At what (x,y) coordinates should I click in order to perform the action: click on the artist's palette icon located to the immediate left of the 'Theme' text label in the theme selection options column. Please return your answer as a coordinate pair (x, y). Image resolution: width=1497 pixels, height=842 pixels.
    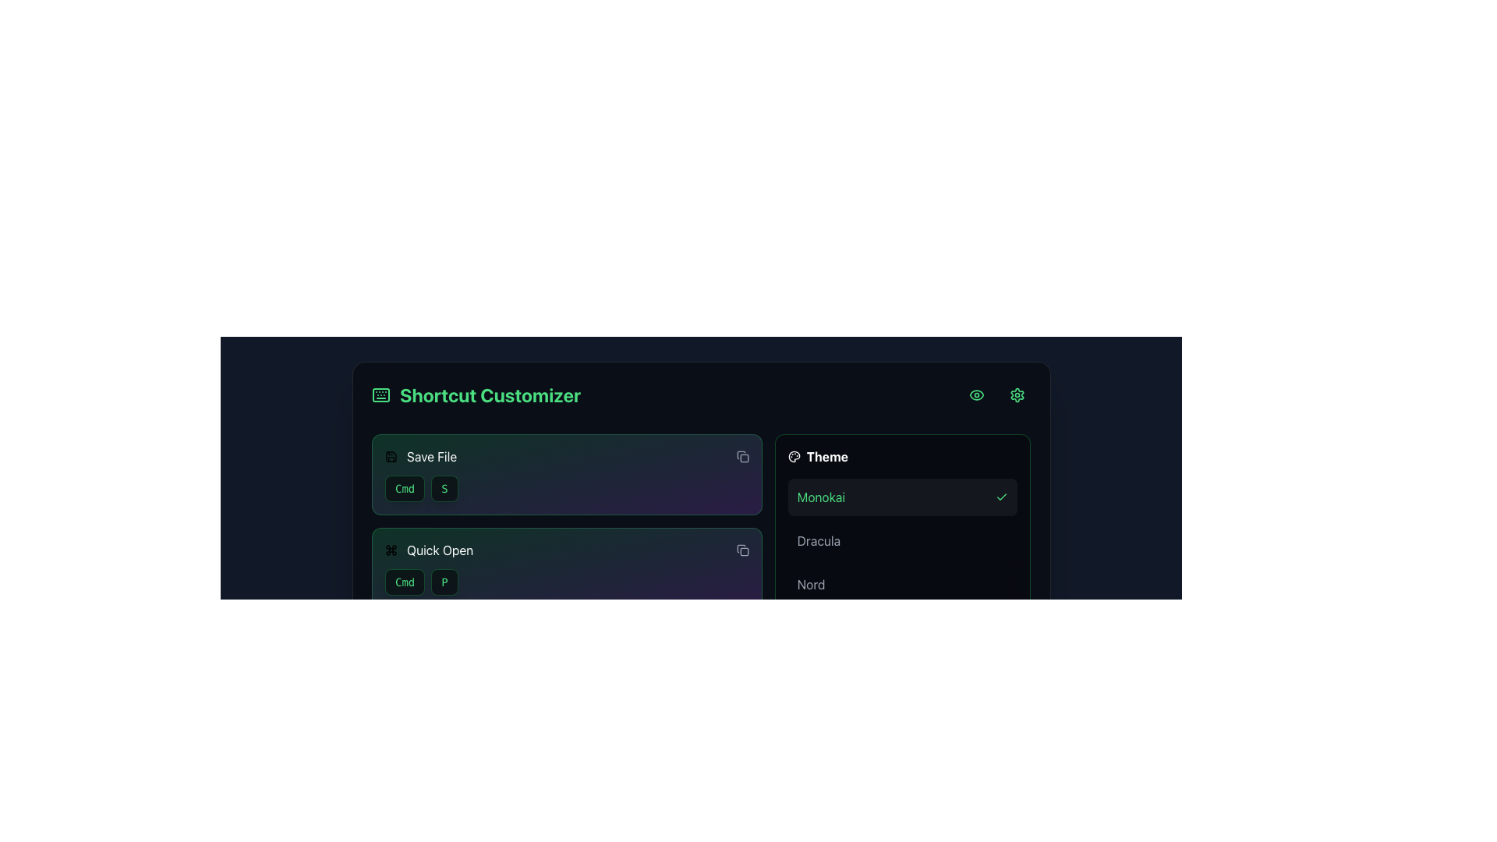
    Looking at the image, I should click on (794, 456).